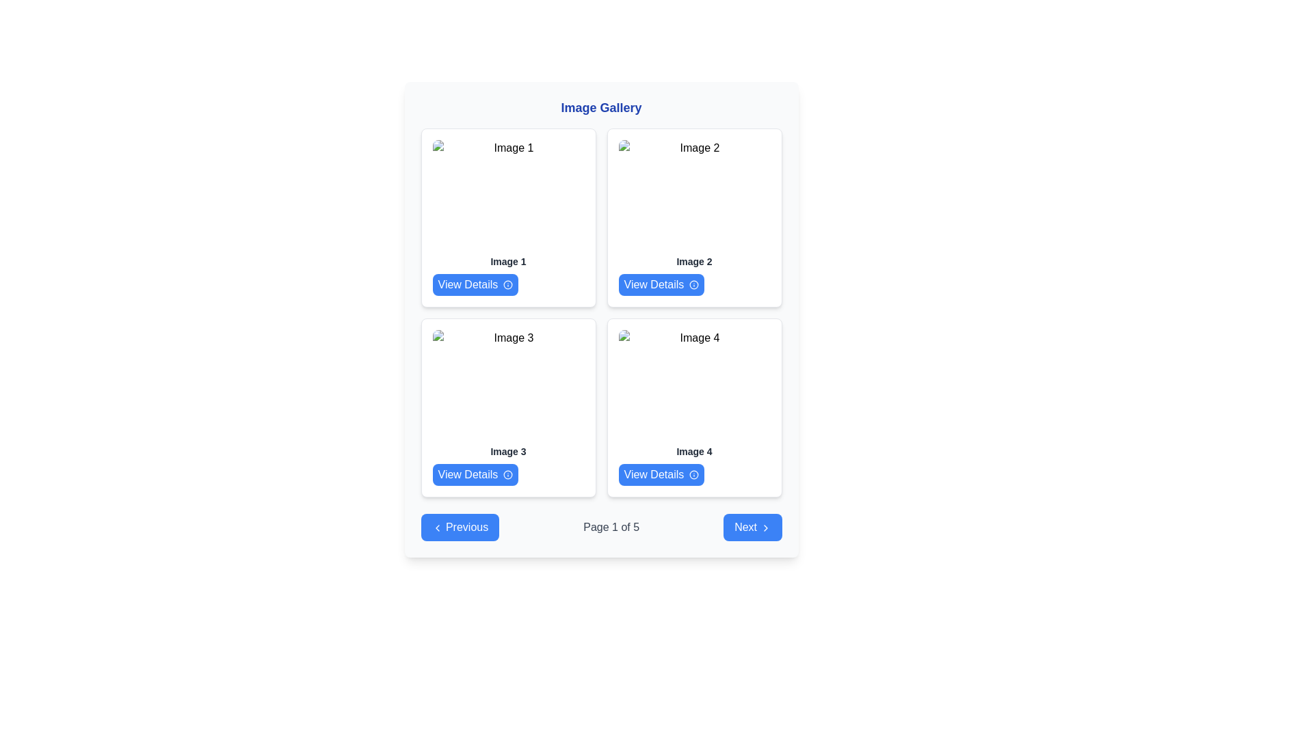 The width and height of the screenshot is (1313, 738). Describe the element at coordinates (694, 451) in the screenshot. I see `the static text label displaying 'Image 4' located in the bottom-right corner of the fourth card, above the 'View Details' button` at that location.